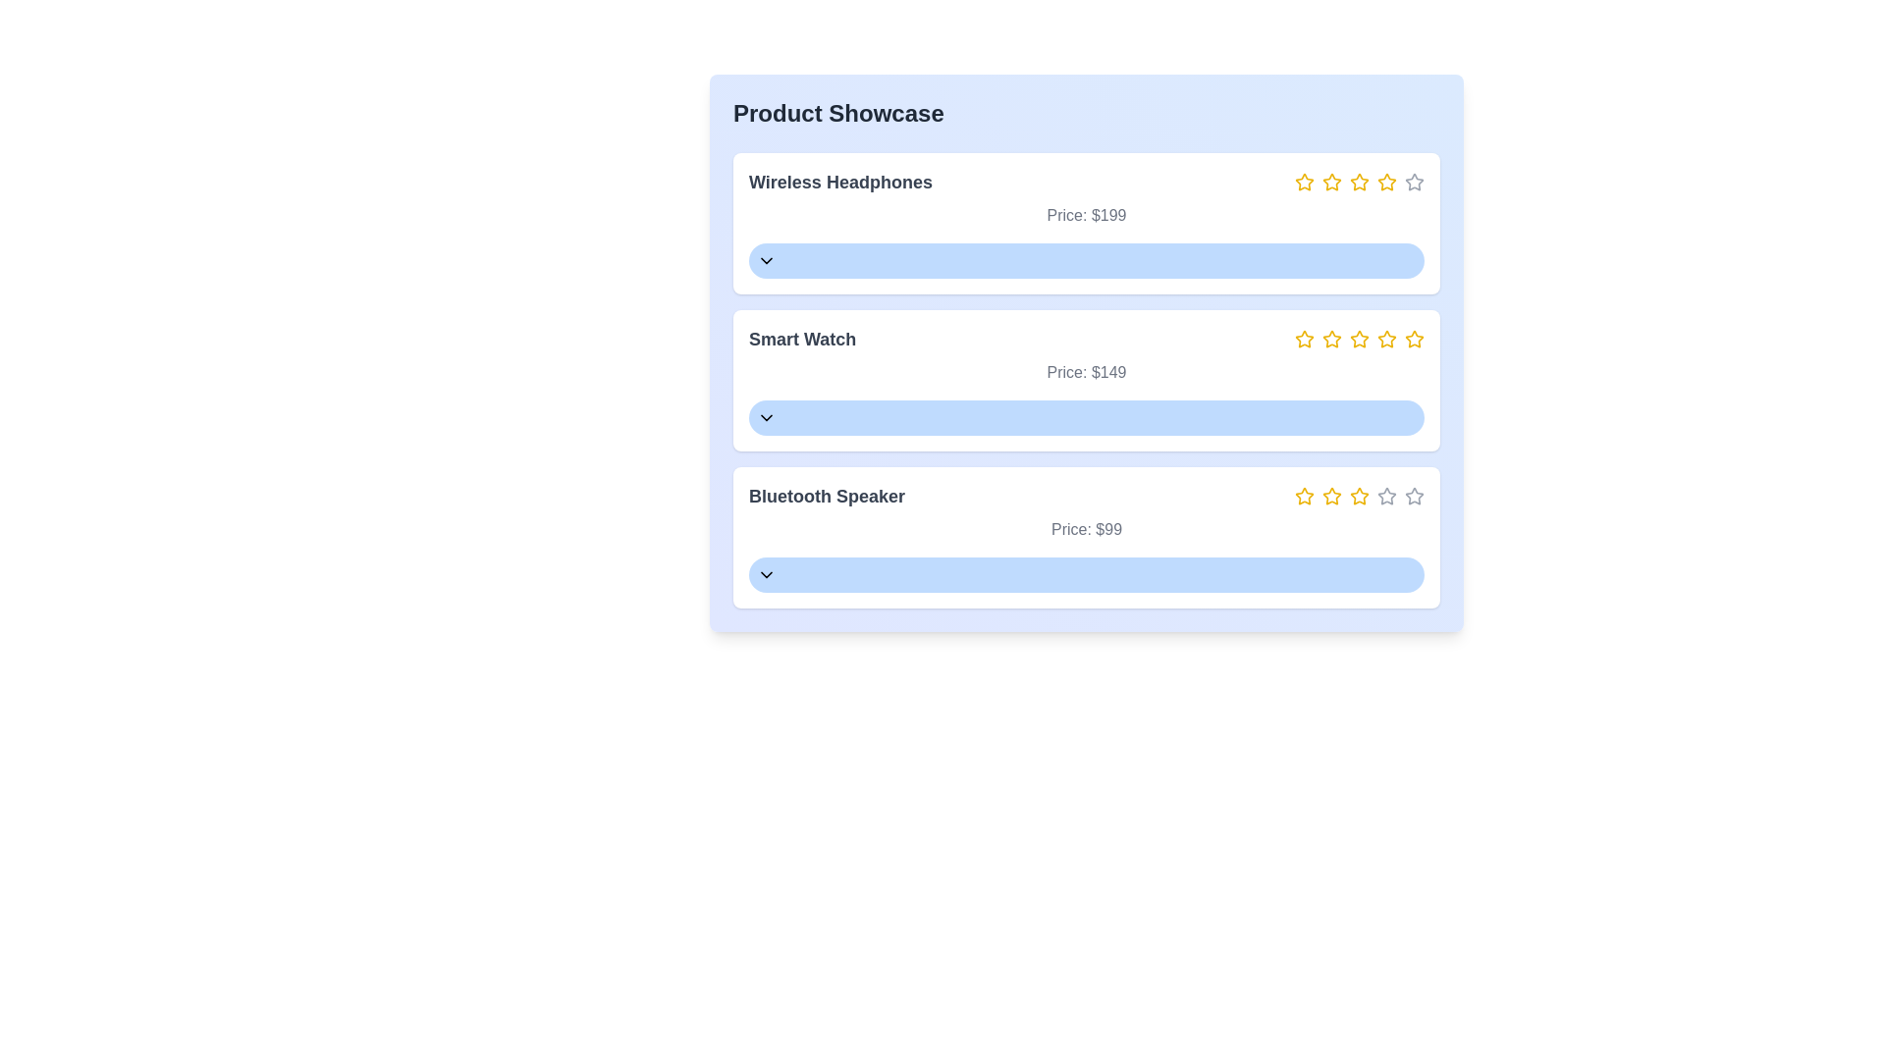 Image resolution: width=1885 pixels, height=1060 pixels. Describe the element at coordinates (1086, 537) in the screenshot. I see `the 'Bluetooth Speaker' product card, which is the third and last card in a vertical list` at that location.